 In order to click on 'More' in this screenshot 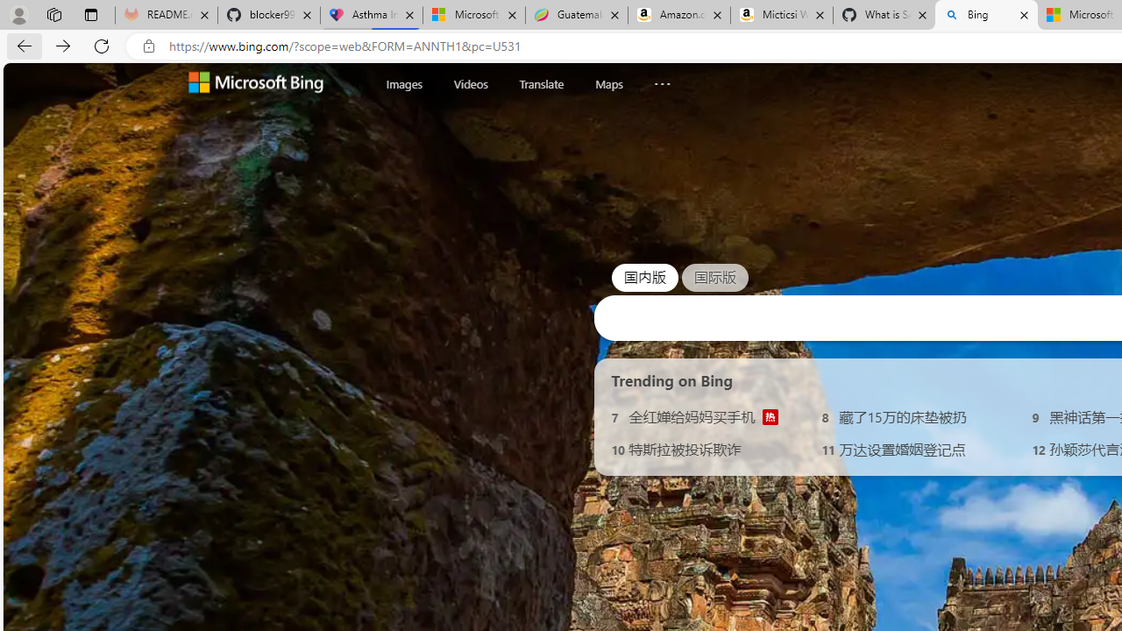, I will do `click(661, 80)`.